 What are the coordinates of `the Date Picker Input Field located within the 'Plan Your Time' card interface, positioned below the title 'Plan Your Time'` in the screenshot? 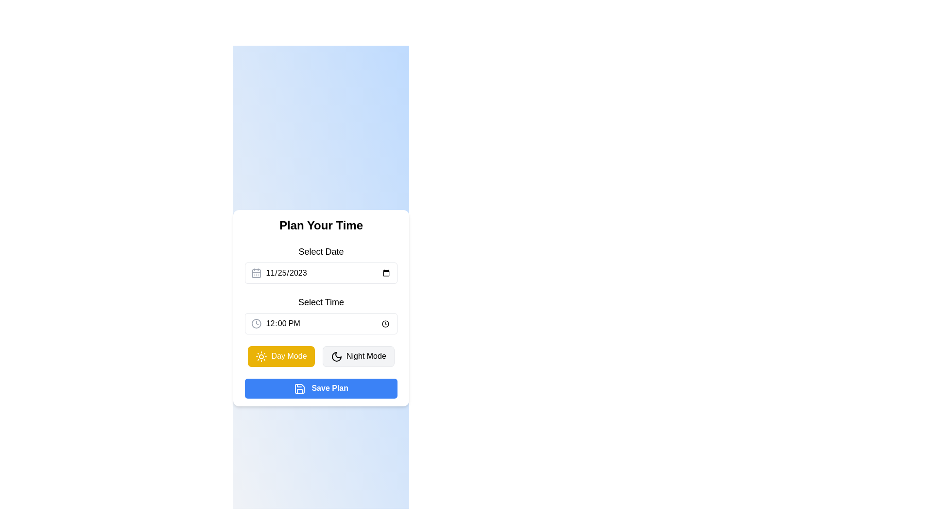 It's located at (321, 264).